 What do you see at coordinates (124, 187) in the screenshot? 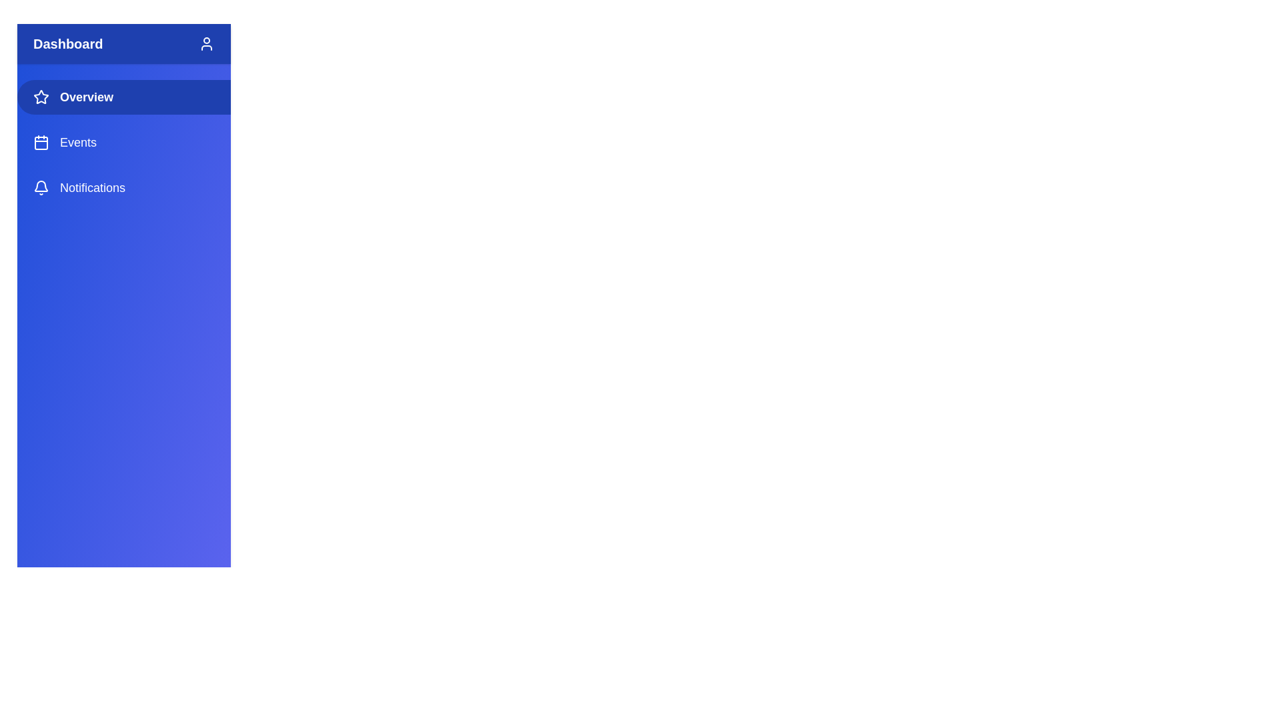
I see `the sidebar section Notifications` at bounding box center [124, 187].